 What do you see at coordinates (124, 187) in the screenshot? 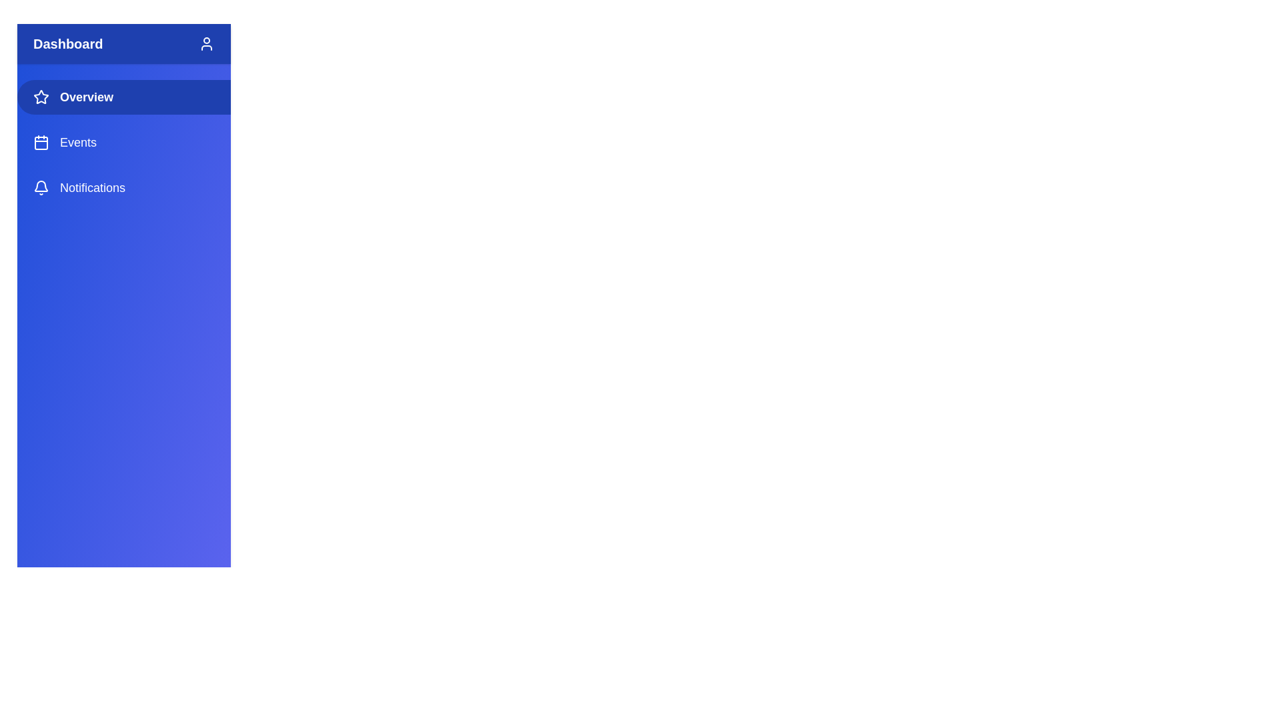
I see `the sidebar section Notifications` at bounding box center [124, 187].